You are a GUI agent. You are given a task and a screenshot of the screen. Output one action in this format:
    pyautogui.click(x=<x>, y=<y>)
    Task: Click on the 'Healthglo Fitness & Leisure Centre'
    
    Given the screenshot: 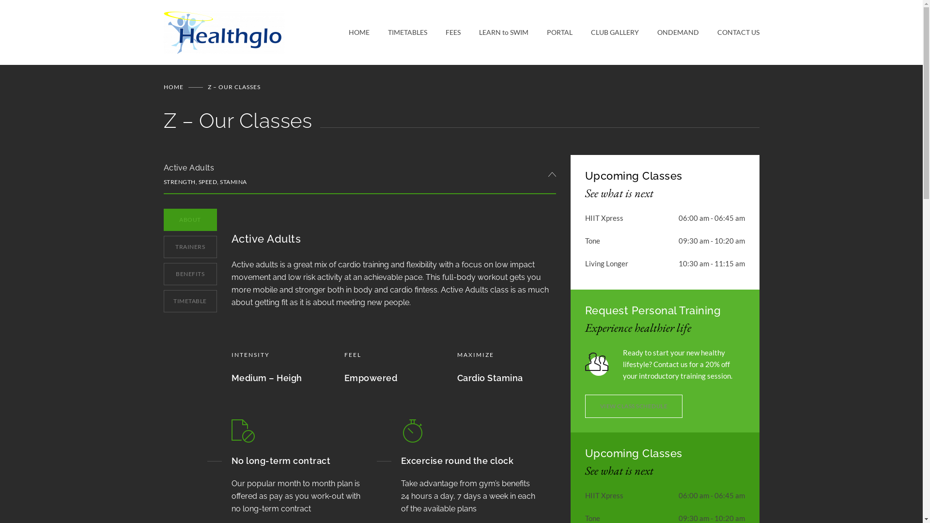 What is the action you would take?
    pyautogui.click(x=256, y=31)
    